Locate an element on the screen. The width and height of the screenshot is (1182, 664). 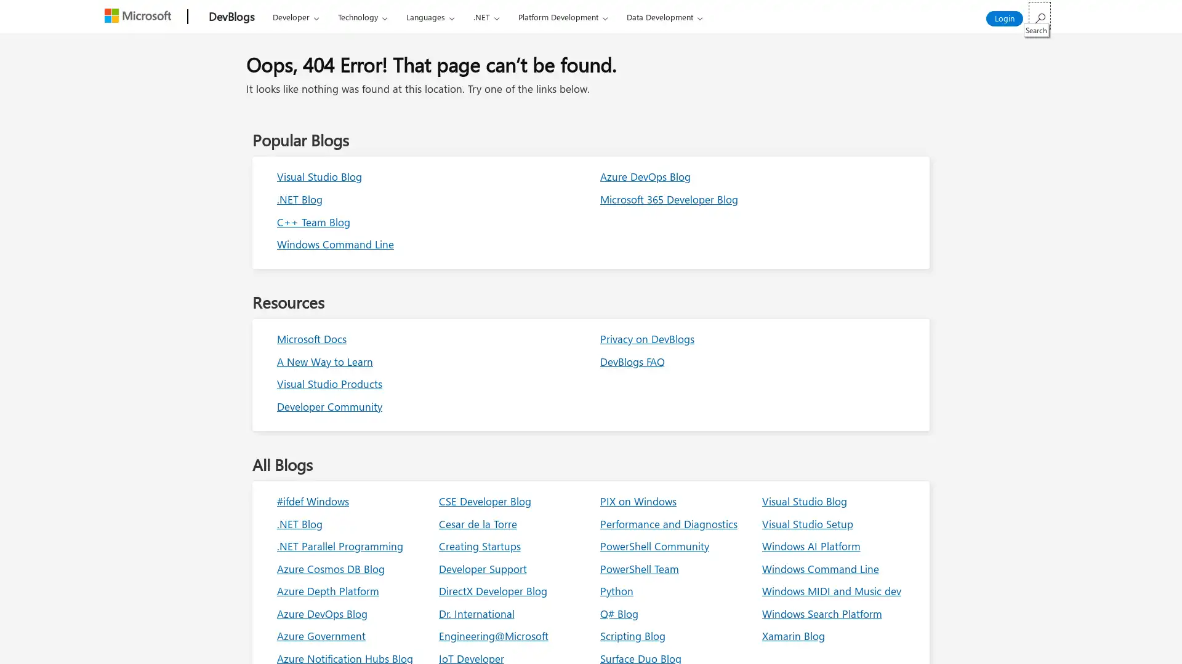
.NET is located at coordinates (485, 17).